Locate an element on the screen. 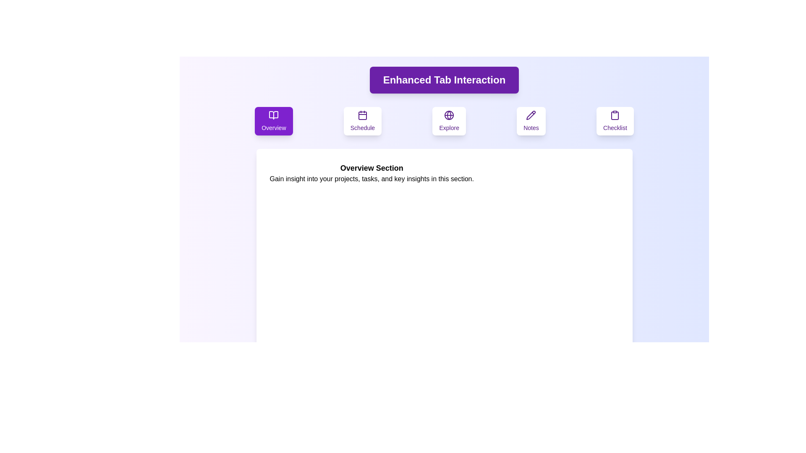  the static text element displaying 'Gain insight into your projects, tasks, and key insights in this section.' which is located below the 'Overview Section' heading is located at coordinates (371, 179).